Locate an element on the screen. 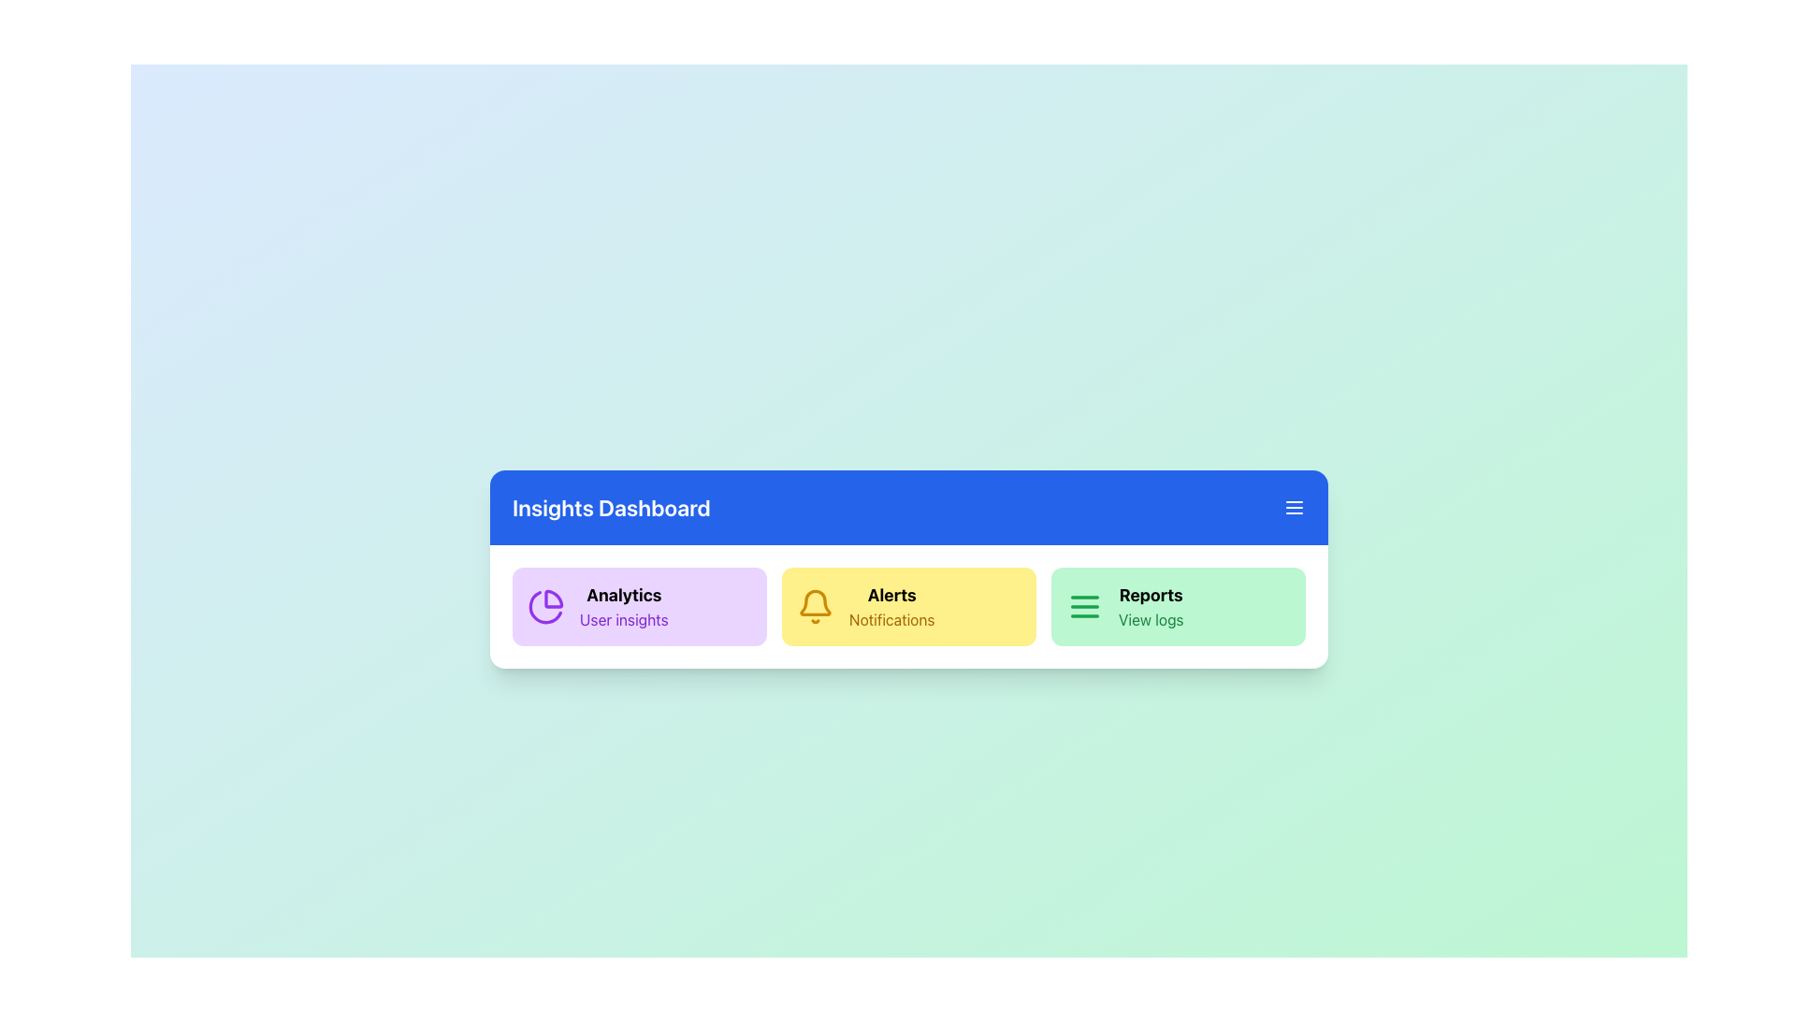 This screenshot has width=1796, height=1010. the textual label displaying 'Alerts' and 'Notifications' on a yellow background, which is centrally positioned within the second block of a row of three blocks is located at coordinates (891, 606).